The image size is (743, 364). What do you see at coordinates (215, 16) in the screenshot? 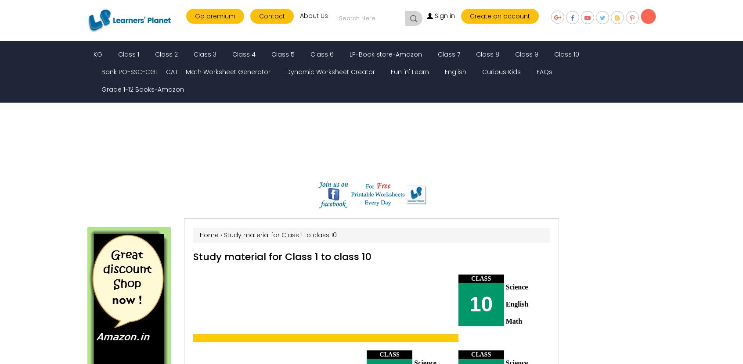
I see `'Go premium'` at bounding box center [215, 16].